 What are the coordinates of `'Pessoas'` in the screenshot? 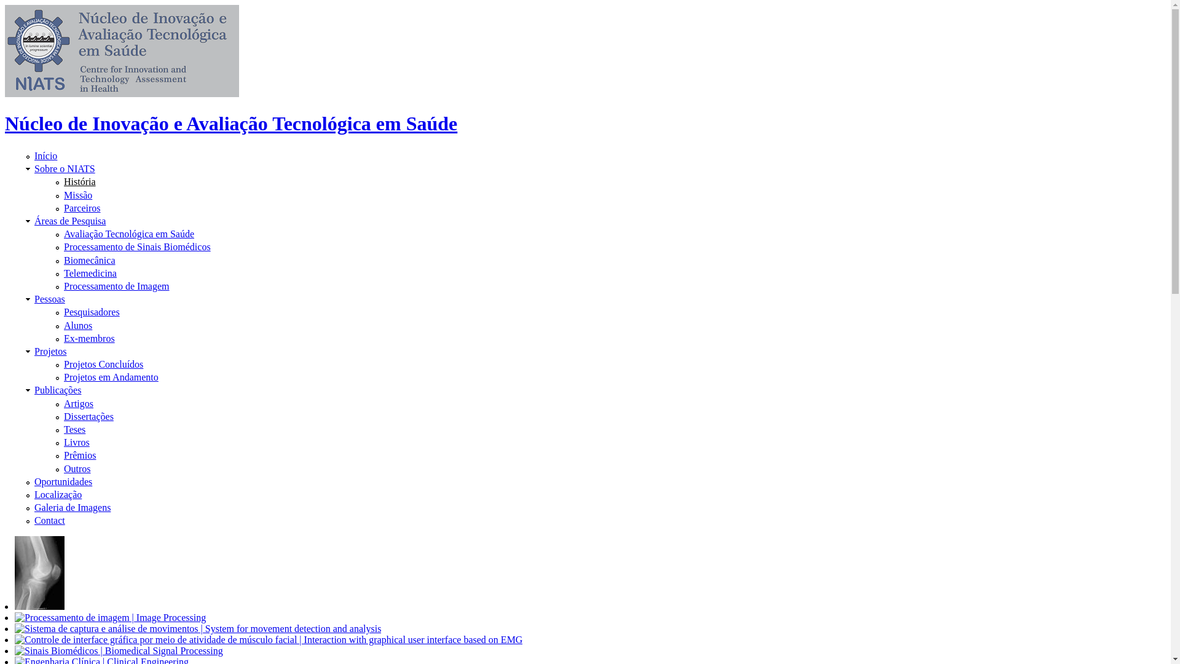 It's located at (49, 299).